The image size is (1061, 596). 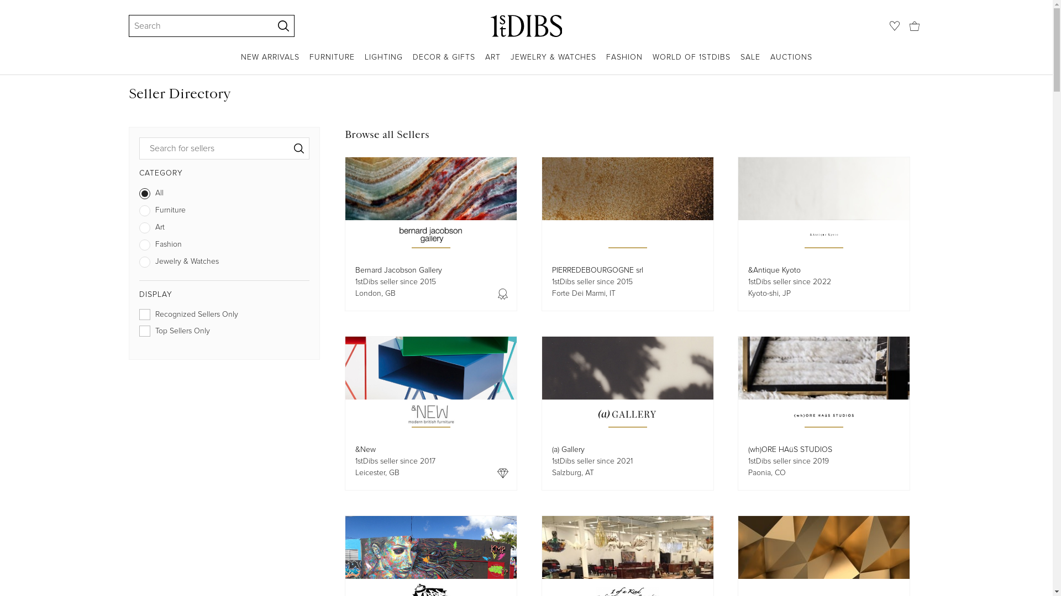 What do you see at coordinates (224, 195) in the screenshot?
I see `'All'` at bounding box center [224, 195].